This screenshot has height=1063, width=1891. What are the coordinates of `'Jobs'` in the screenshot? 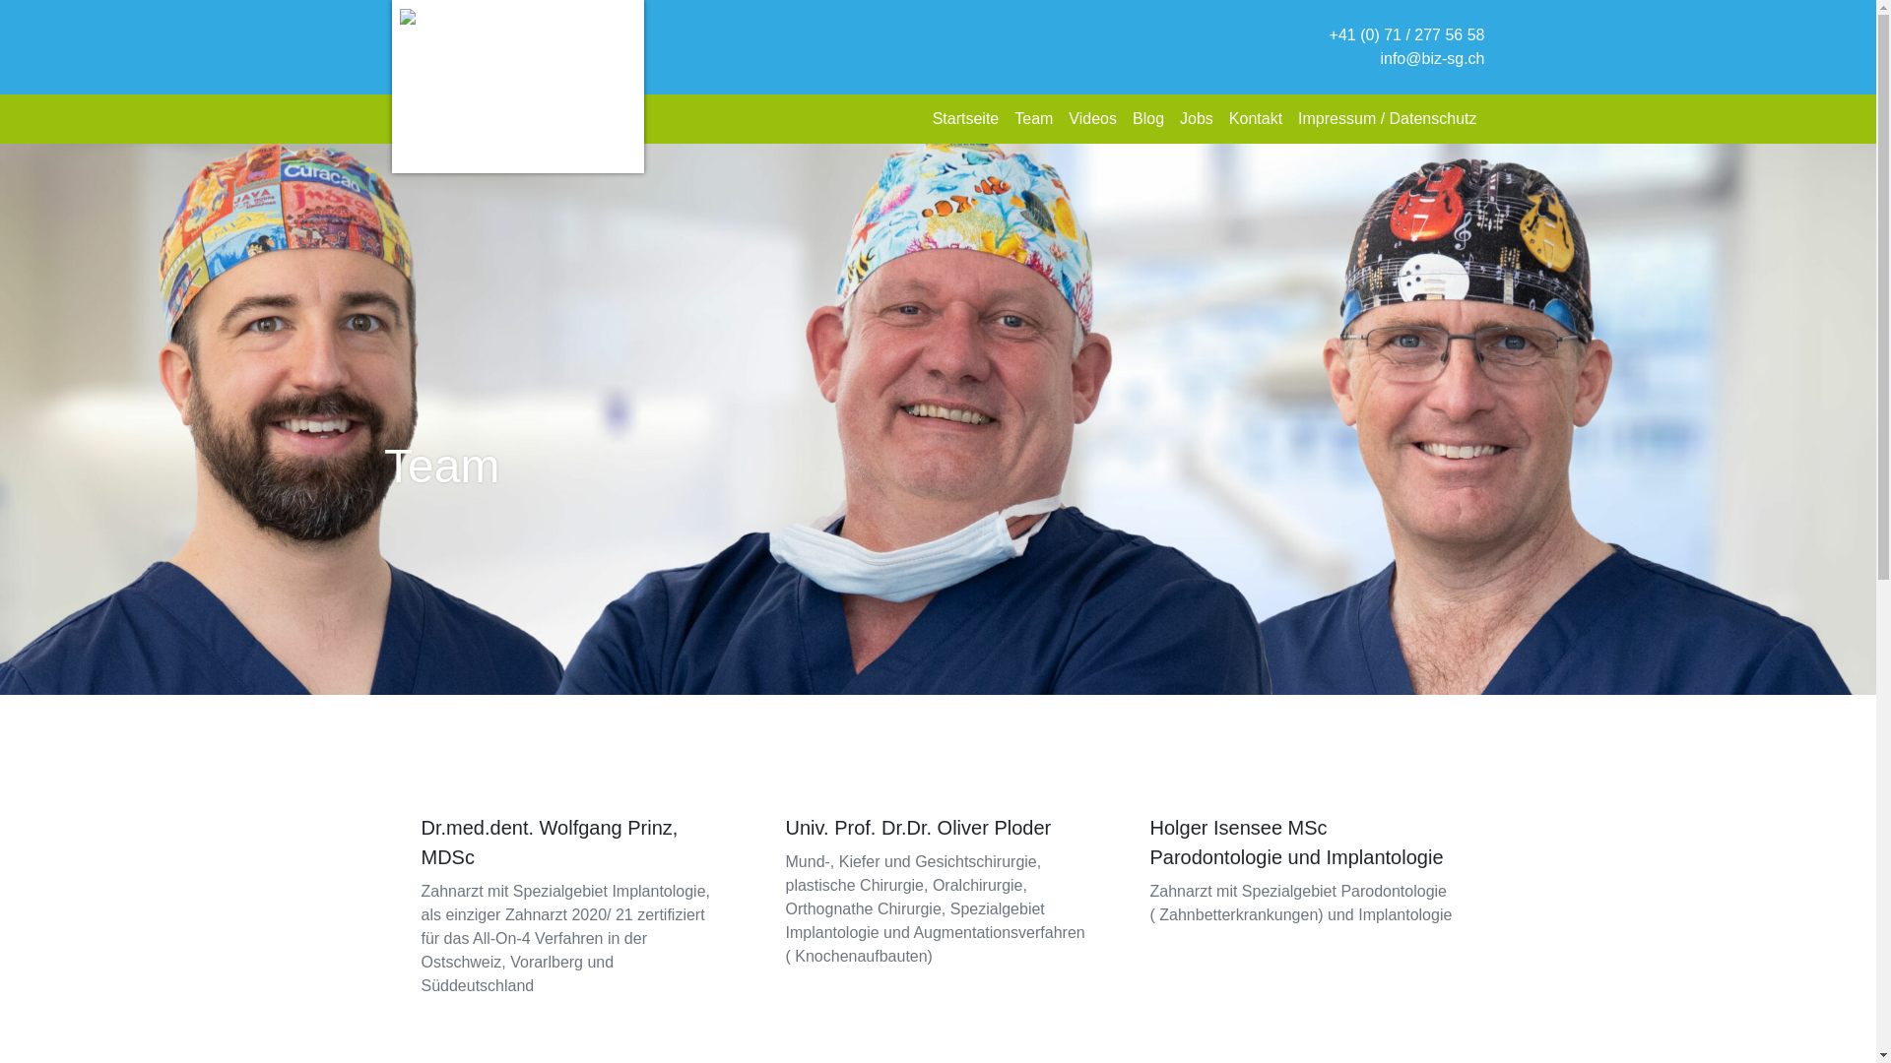 It's located at (1195, 118).